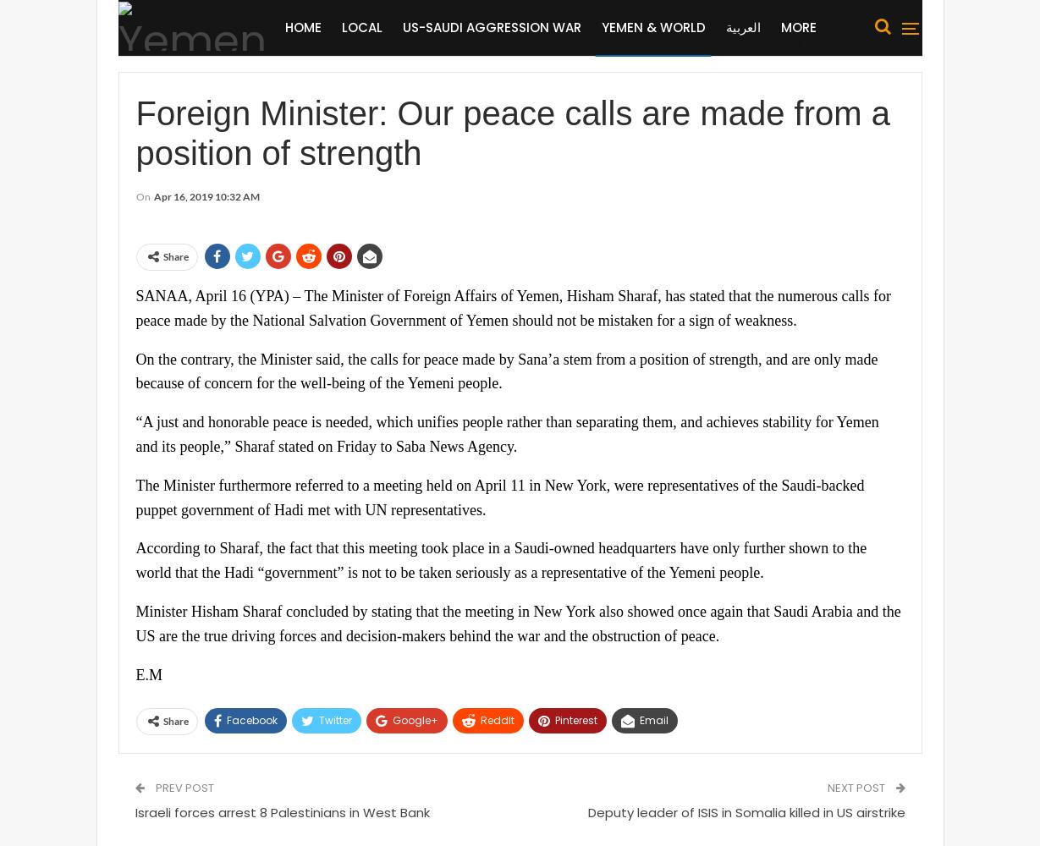 This screenshot has width=1040, height=846. I want to click on 'Home', so click(301, 27).